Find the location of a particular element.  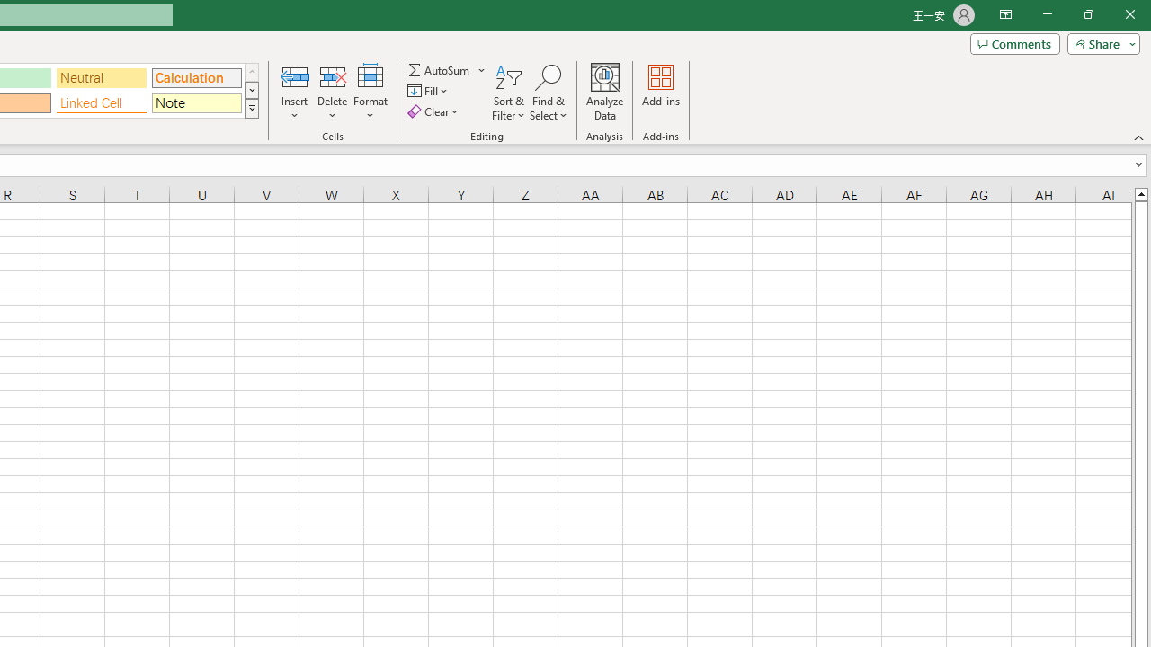

'Share' is located at coordinates (1099, 42).